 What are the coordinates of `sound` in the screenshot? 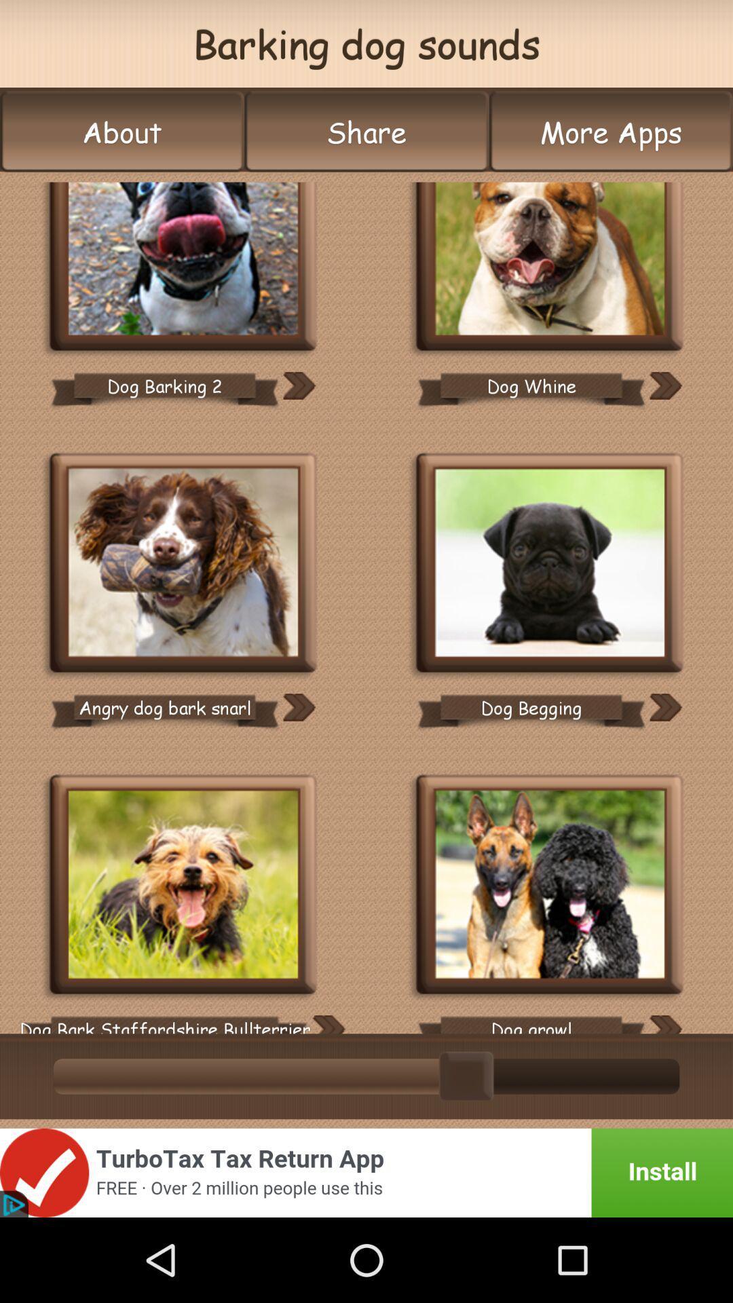 It's located at (328, 1024).